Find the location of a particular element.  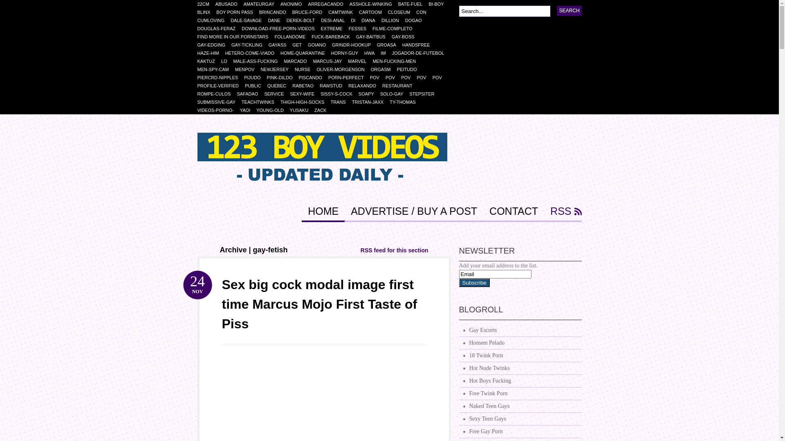

'HOME-QUARANTINE' is located at coordinates (305, 53).